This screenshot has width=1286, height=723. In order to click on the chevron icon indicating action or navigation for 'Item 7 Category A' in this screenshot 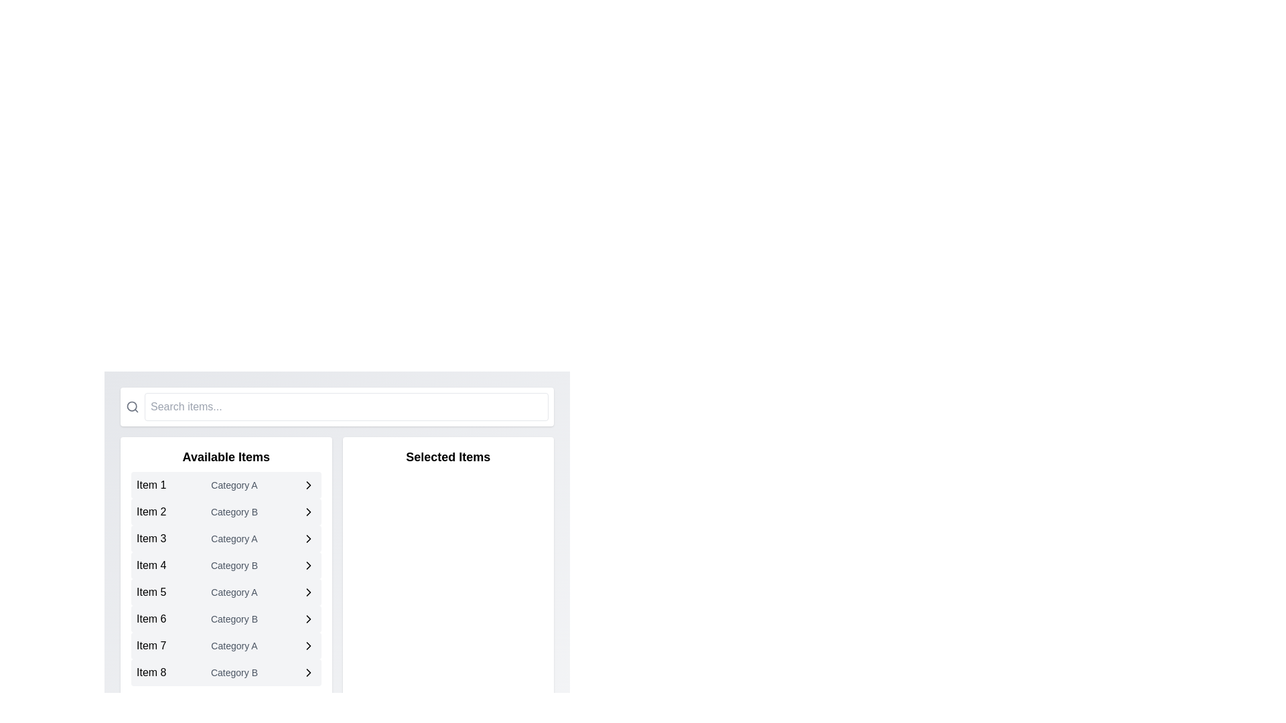, I will do `click(308, 645)`.